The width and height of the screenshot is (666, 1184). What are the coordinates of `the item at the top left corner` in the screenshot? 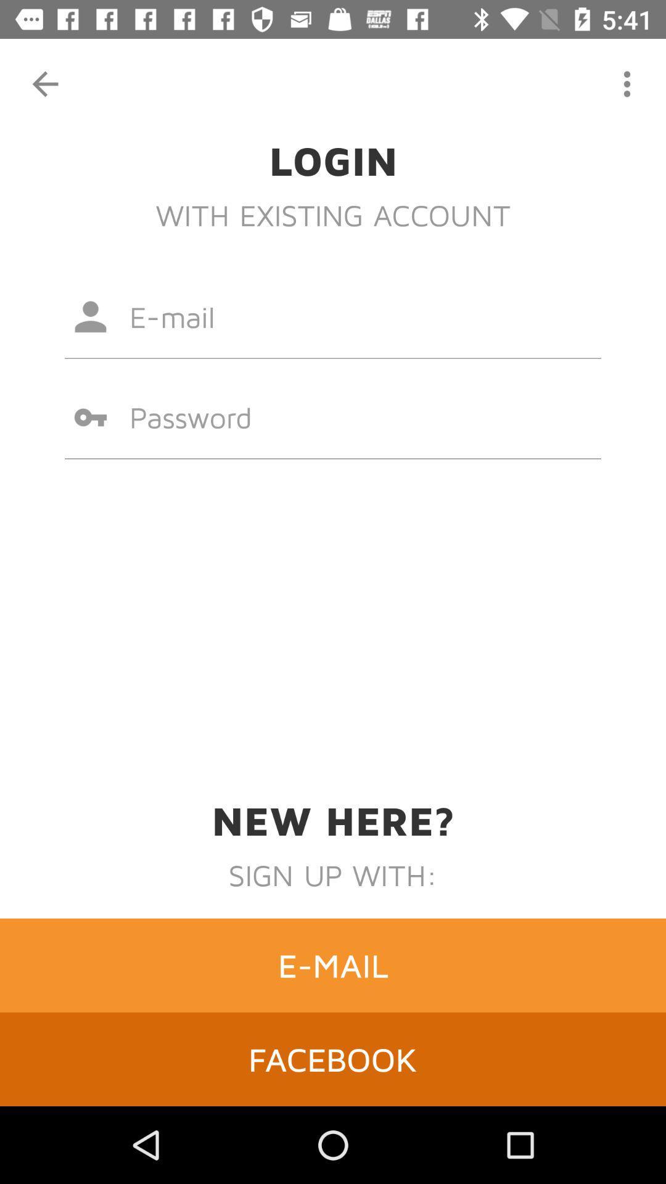 It's located at (44, 83).